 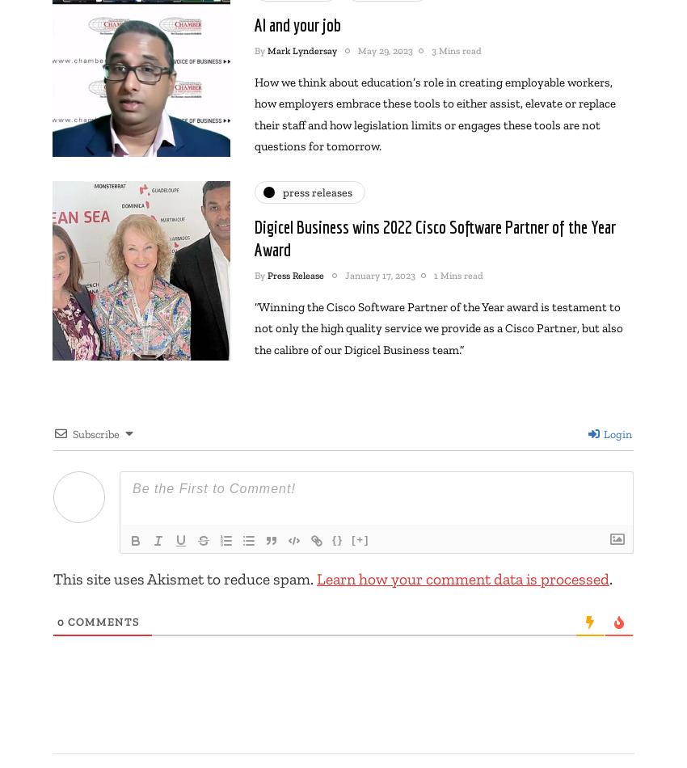 What do you see at coordinates (61, 620) in the screenshot?
I see `'0'` at bounding box center [61, 620].